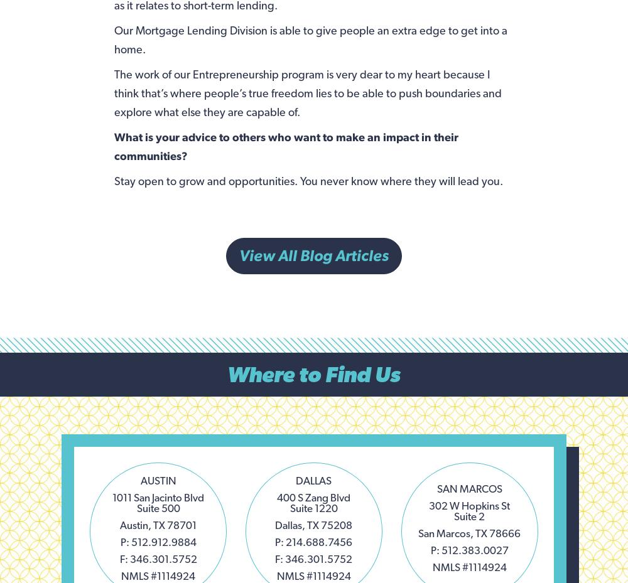 The height and width of the screenshot is (583, 628). I want to click on 'Stay open to grow and opportunities. You never know where they will lead you.', so click(307, 180).